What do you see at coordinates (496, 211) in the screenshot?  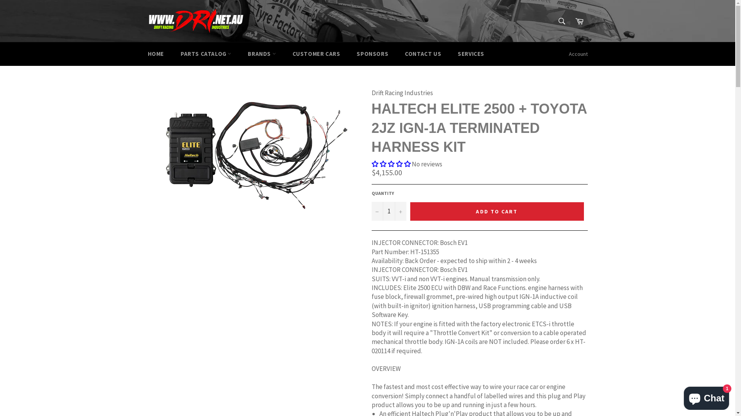 I see `'ADD TO CART'` at bounding box center [496, 211].